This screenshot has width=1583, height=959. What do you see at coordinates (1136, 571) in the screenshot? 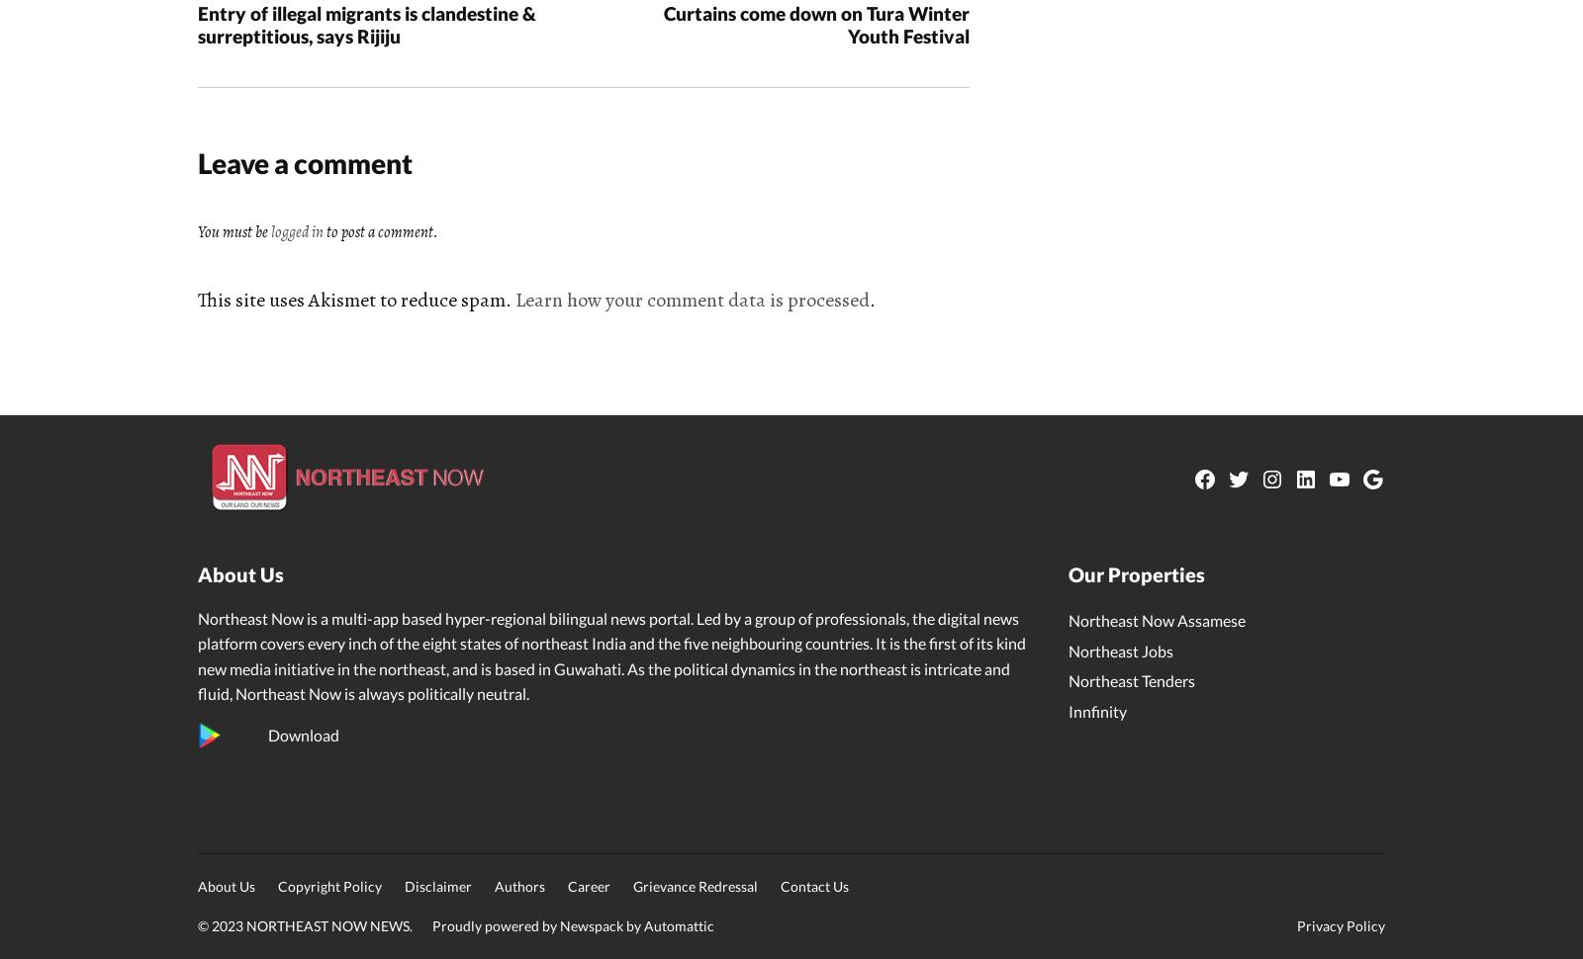
I see `'Our Properties'` at bounding box center [1136, 571].